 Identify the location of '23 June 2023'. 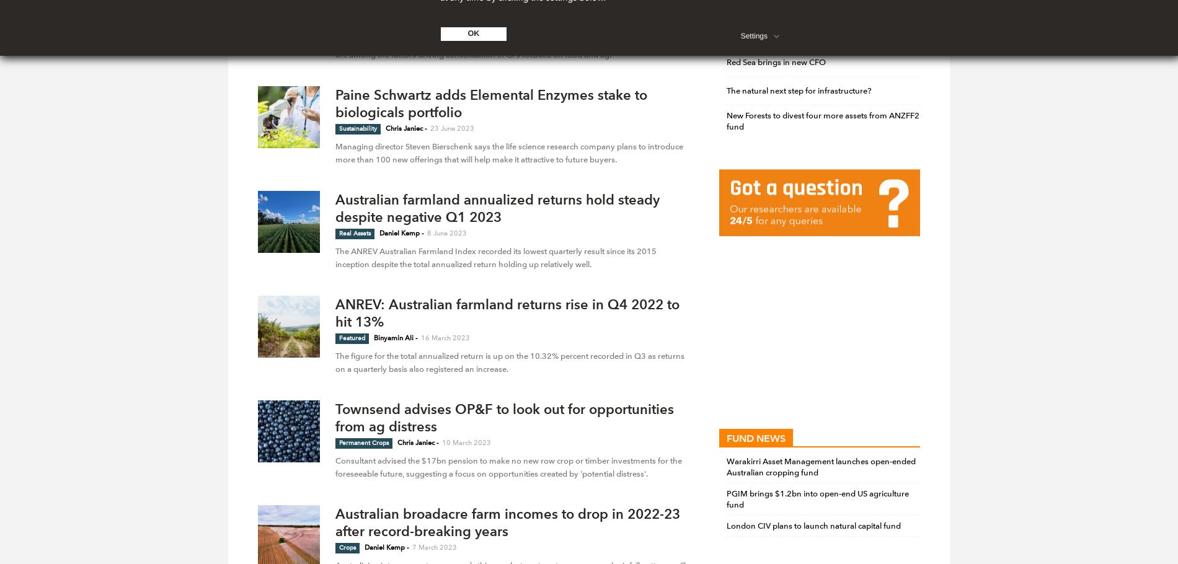
(451, 128).